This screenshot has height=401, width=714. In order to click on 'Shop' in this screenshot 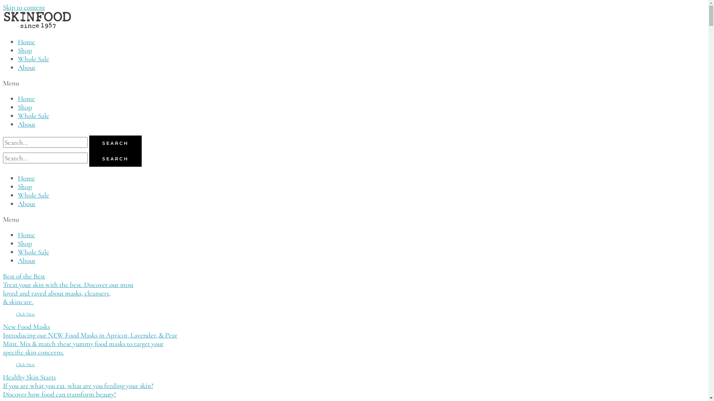, I will do `click(25, 243)`.